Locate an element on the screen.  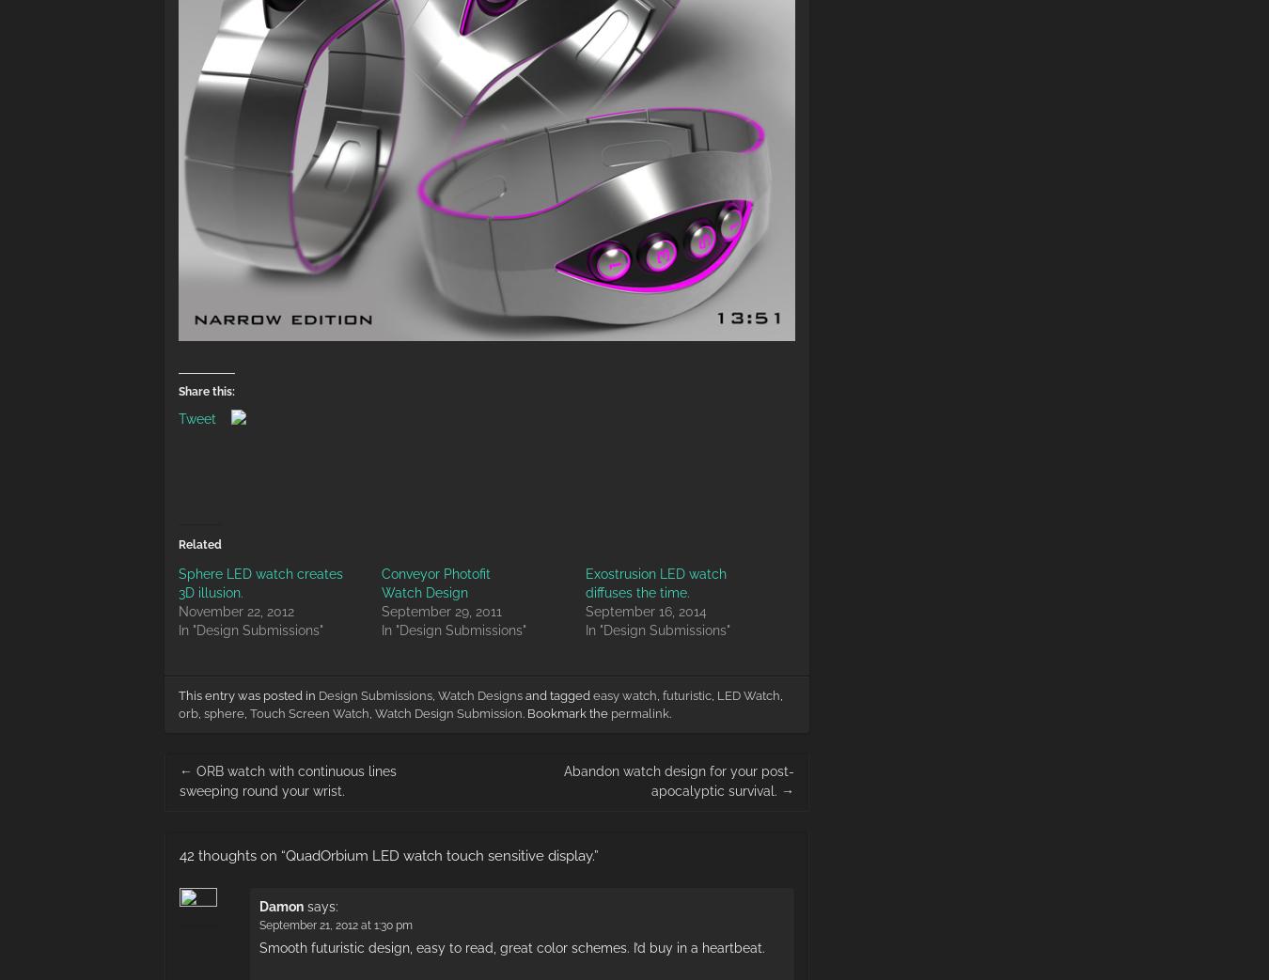
'permalink' is located at coordinates (611, 712).